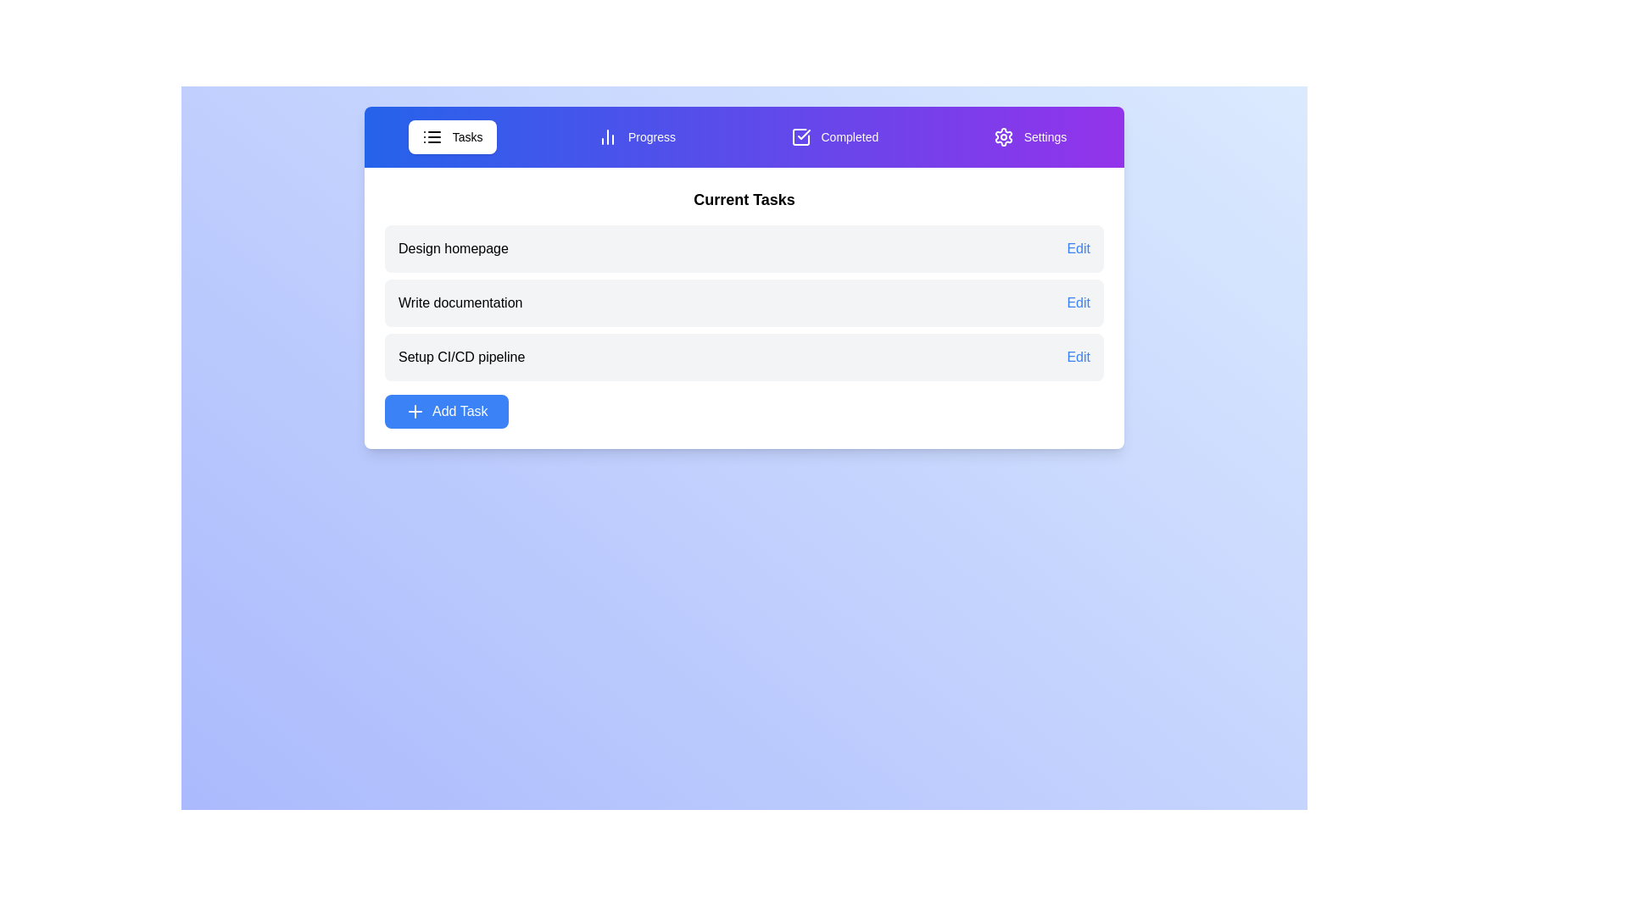 Image resolution: width=1628 pixels, height=915 pixels. I want to click on the checkmark icon located at the rightmost edge of the navigation bar in the header section, which visually indicates confirmation or a checked state, so click(803, 133).